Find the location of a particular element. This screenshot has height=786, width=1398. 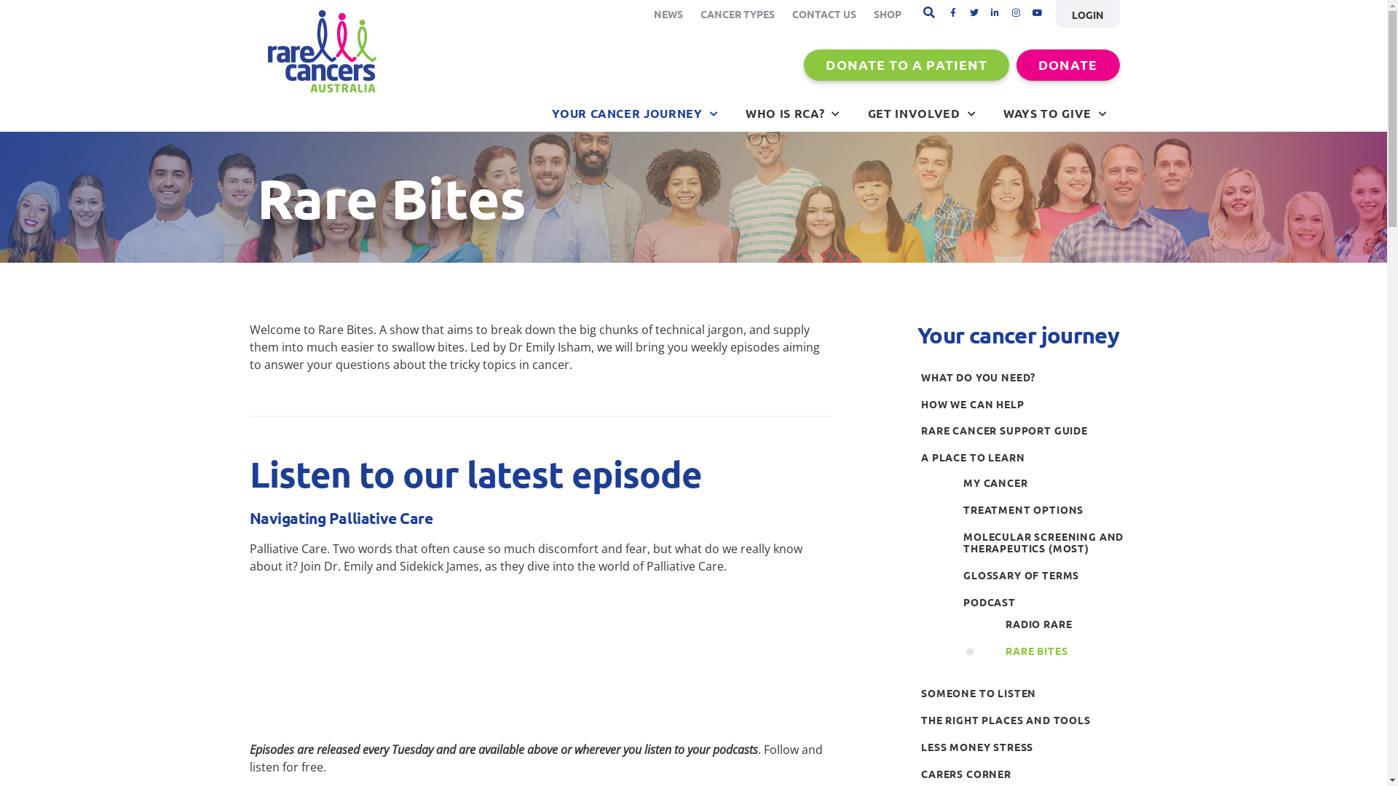

'CANCER TYPES' is located at coordinates (737, 14).